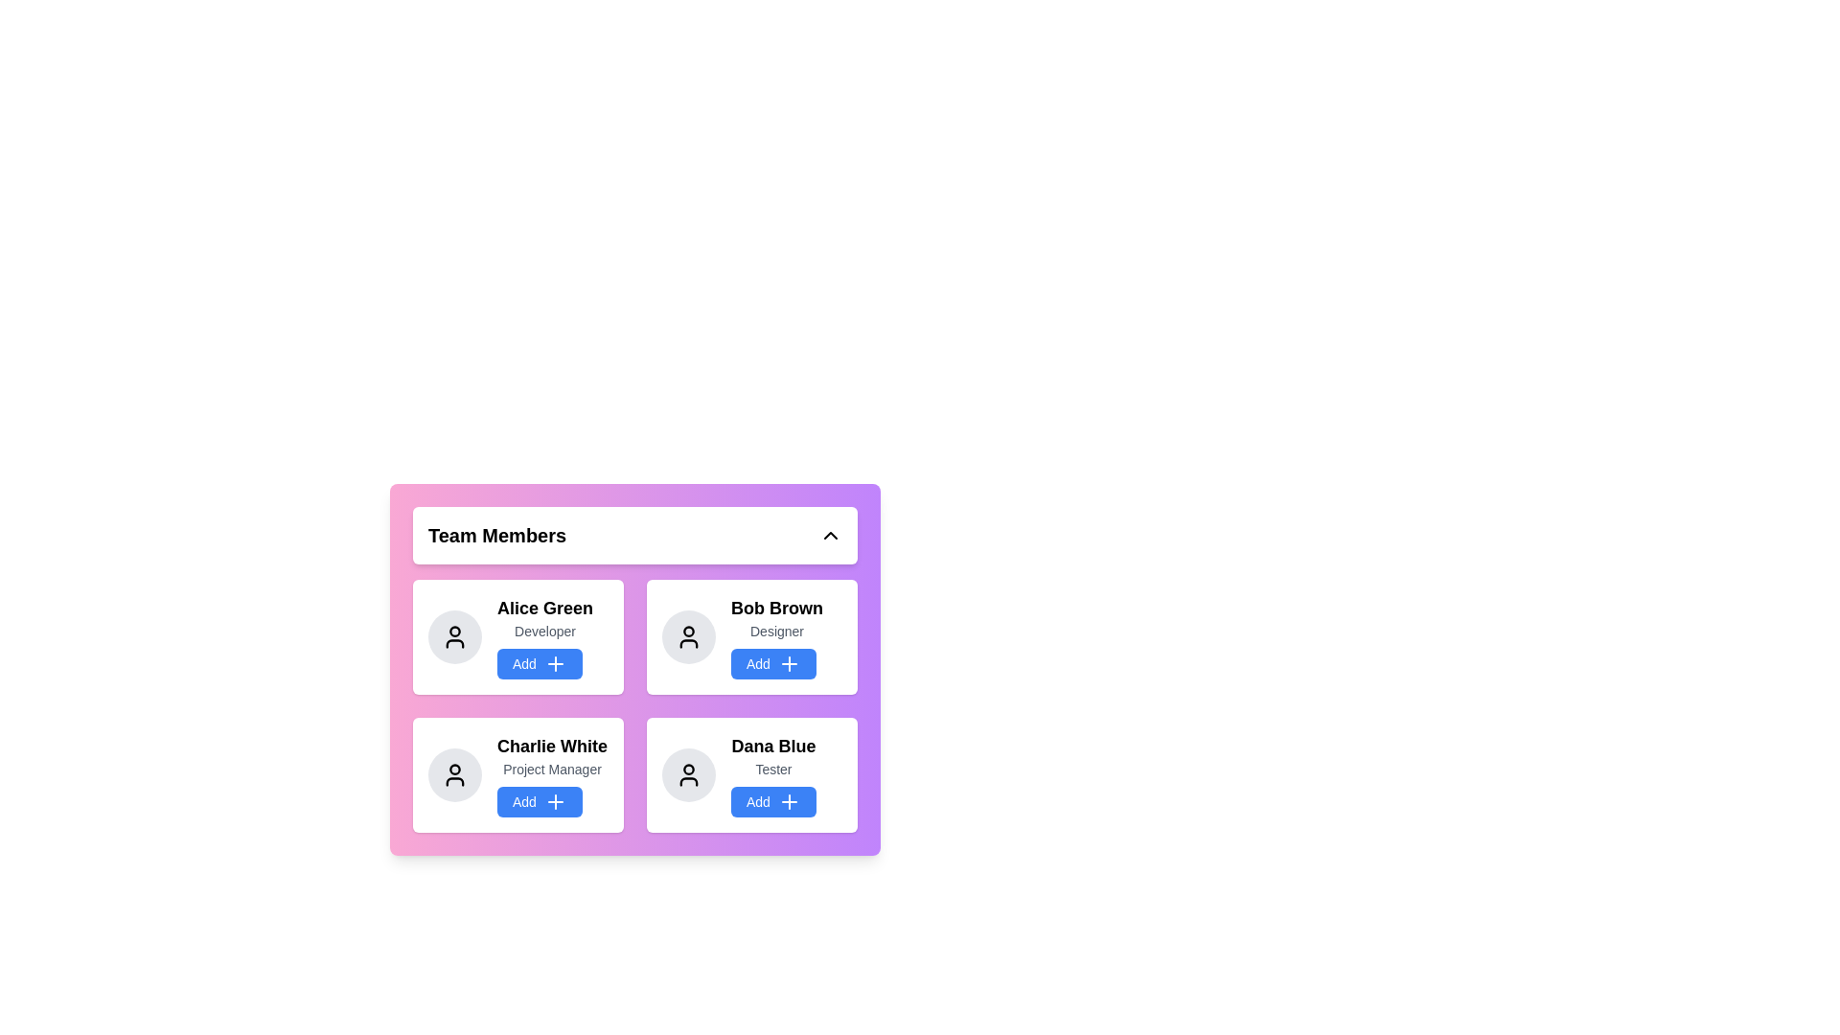 Image resolution: width=1840 pixels, height=1035 pixels. I want to click on the Avatar placeholder for the user 'Alice Green', who is a Developer, located in the top-left card of the 2x2 grid layout, so click(454, 636).